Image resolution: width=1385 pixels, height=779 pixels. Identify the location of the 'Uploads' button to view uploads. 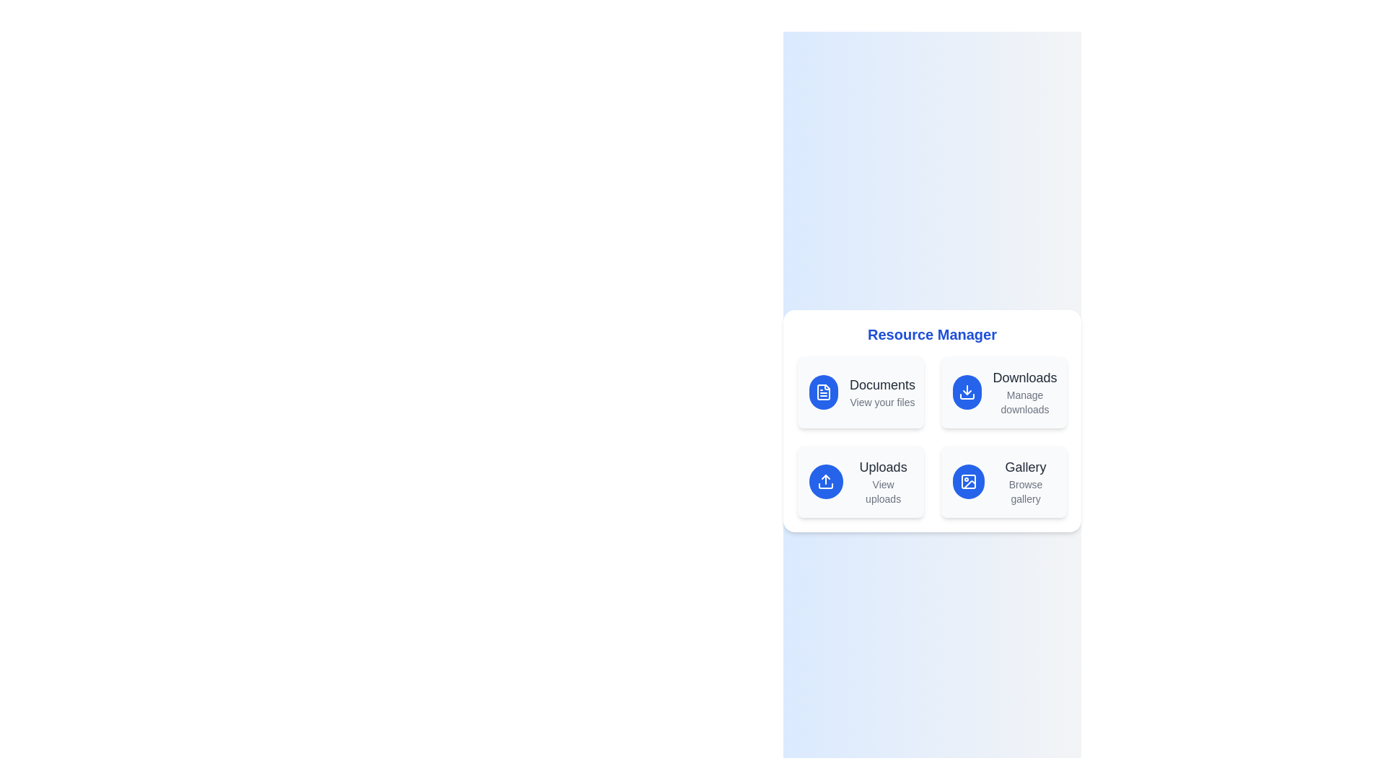
(861, 481).